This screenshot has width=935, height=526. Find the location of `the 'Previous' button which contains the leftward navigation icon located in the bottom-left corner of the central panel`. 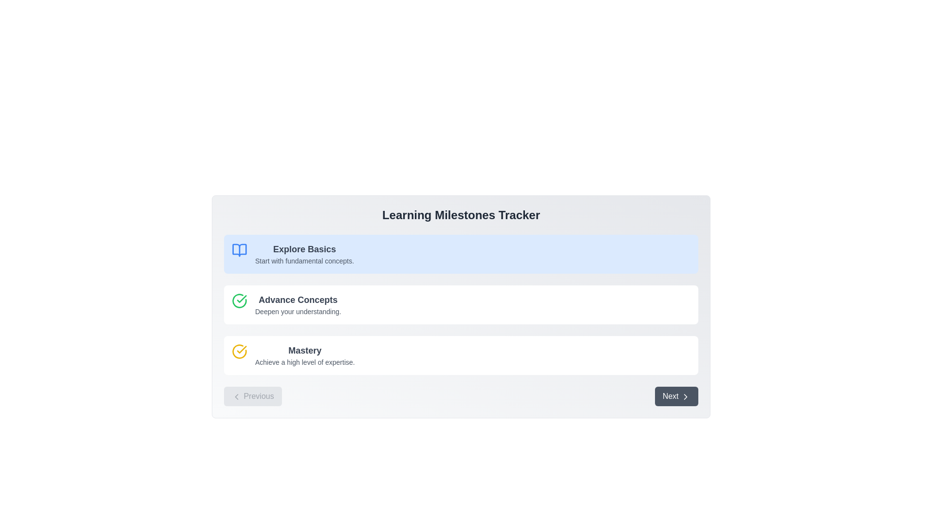

the 'Previous' button which contains the leftward navigation icon located in the bottom-left corner of the central panel is located at coordinates (236, 396).